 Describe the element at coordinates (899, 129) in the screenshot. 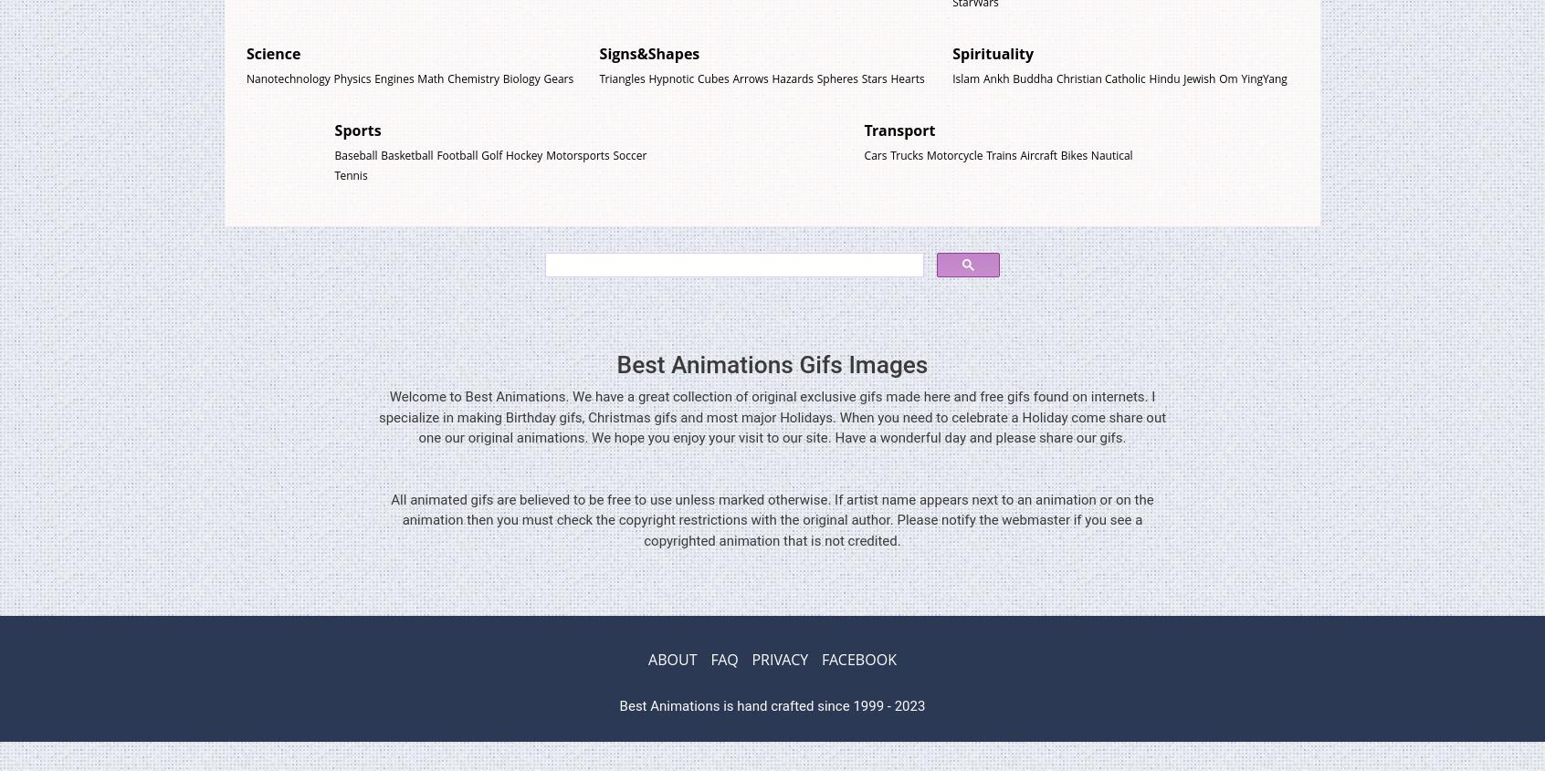

I see `'Transport'` at that location.